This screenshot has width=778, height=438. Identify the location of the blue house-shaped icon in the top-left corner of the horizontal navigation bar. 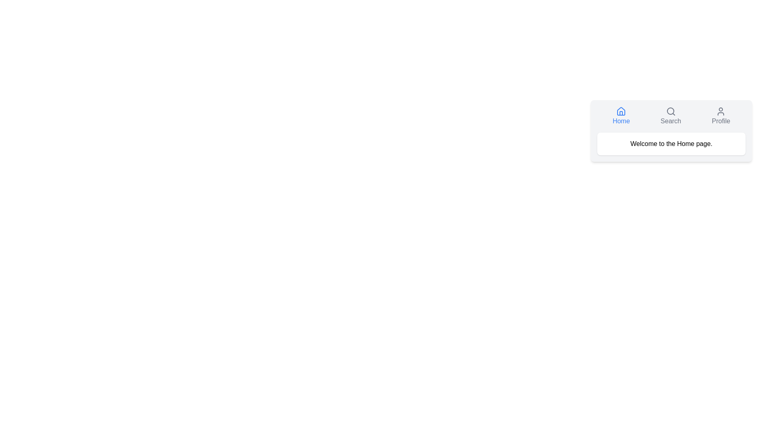
(621, 111).